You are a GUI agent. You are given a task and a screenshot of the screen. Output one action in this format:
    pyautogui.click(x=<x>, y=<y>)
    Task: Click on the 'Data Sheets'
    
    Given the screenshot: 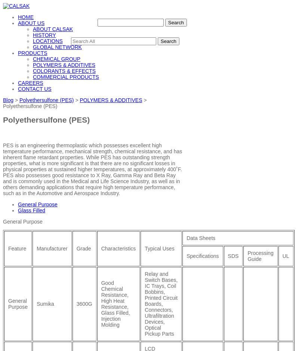 What is the action you would take?
    pyautogui.click(x=201, y=237)
    